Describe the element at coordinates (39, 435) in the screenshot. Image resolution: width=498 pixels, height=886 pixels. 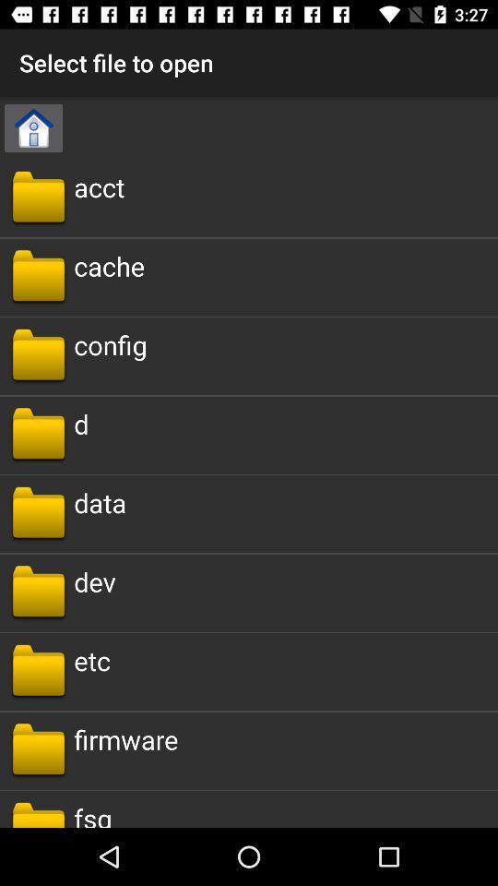
I see `the 4th folder icon on the top left corner of the web page` at that location.